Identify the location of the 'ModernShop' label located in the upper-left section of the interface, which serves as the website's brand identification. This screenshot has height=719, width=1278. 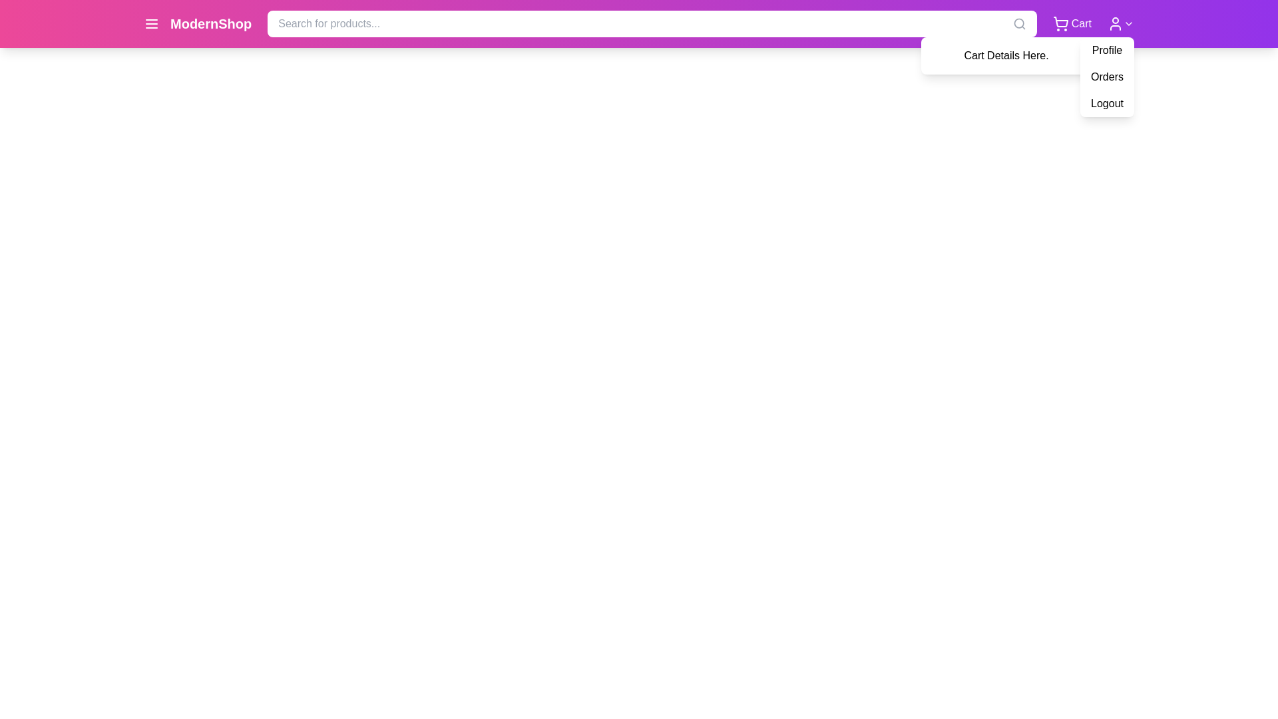
(197, 23).